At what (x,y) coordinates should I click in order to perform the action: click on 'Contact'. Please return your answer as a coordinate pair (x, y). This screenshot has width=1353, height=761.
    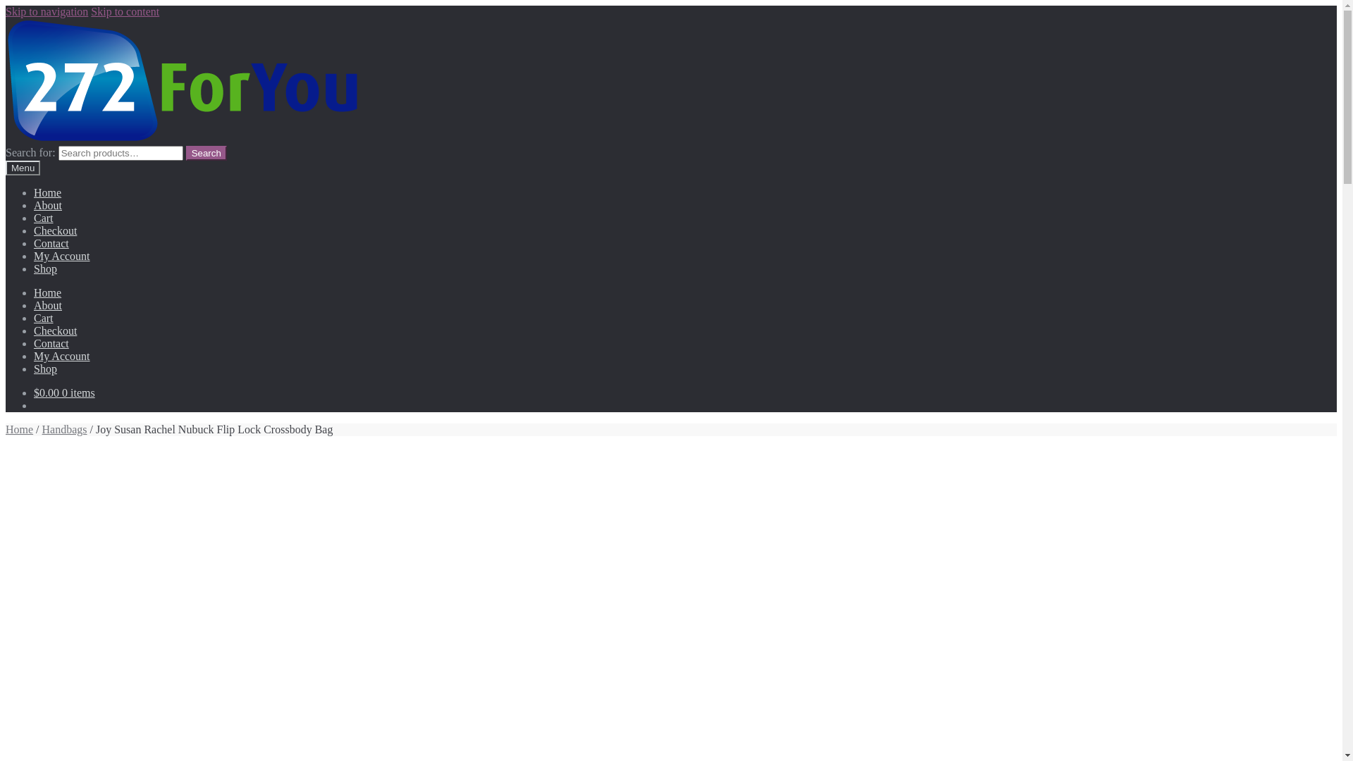
    Looking at the image, I should click on (51, 343).